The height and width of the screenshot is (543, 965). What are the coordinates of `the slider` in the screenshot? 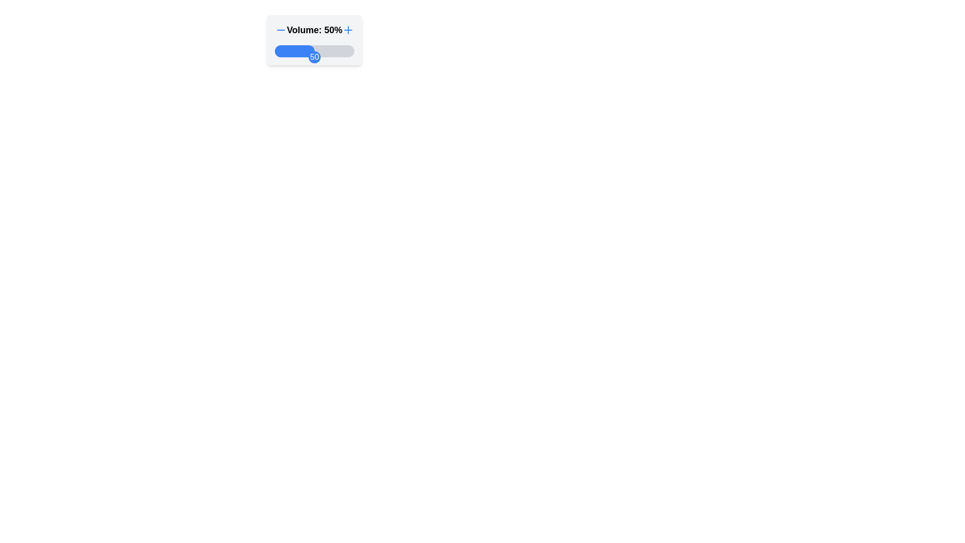 It's located at (315, 51).